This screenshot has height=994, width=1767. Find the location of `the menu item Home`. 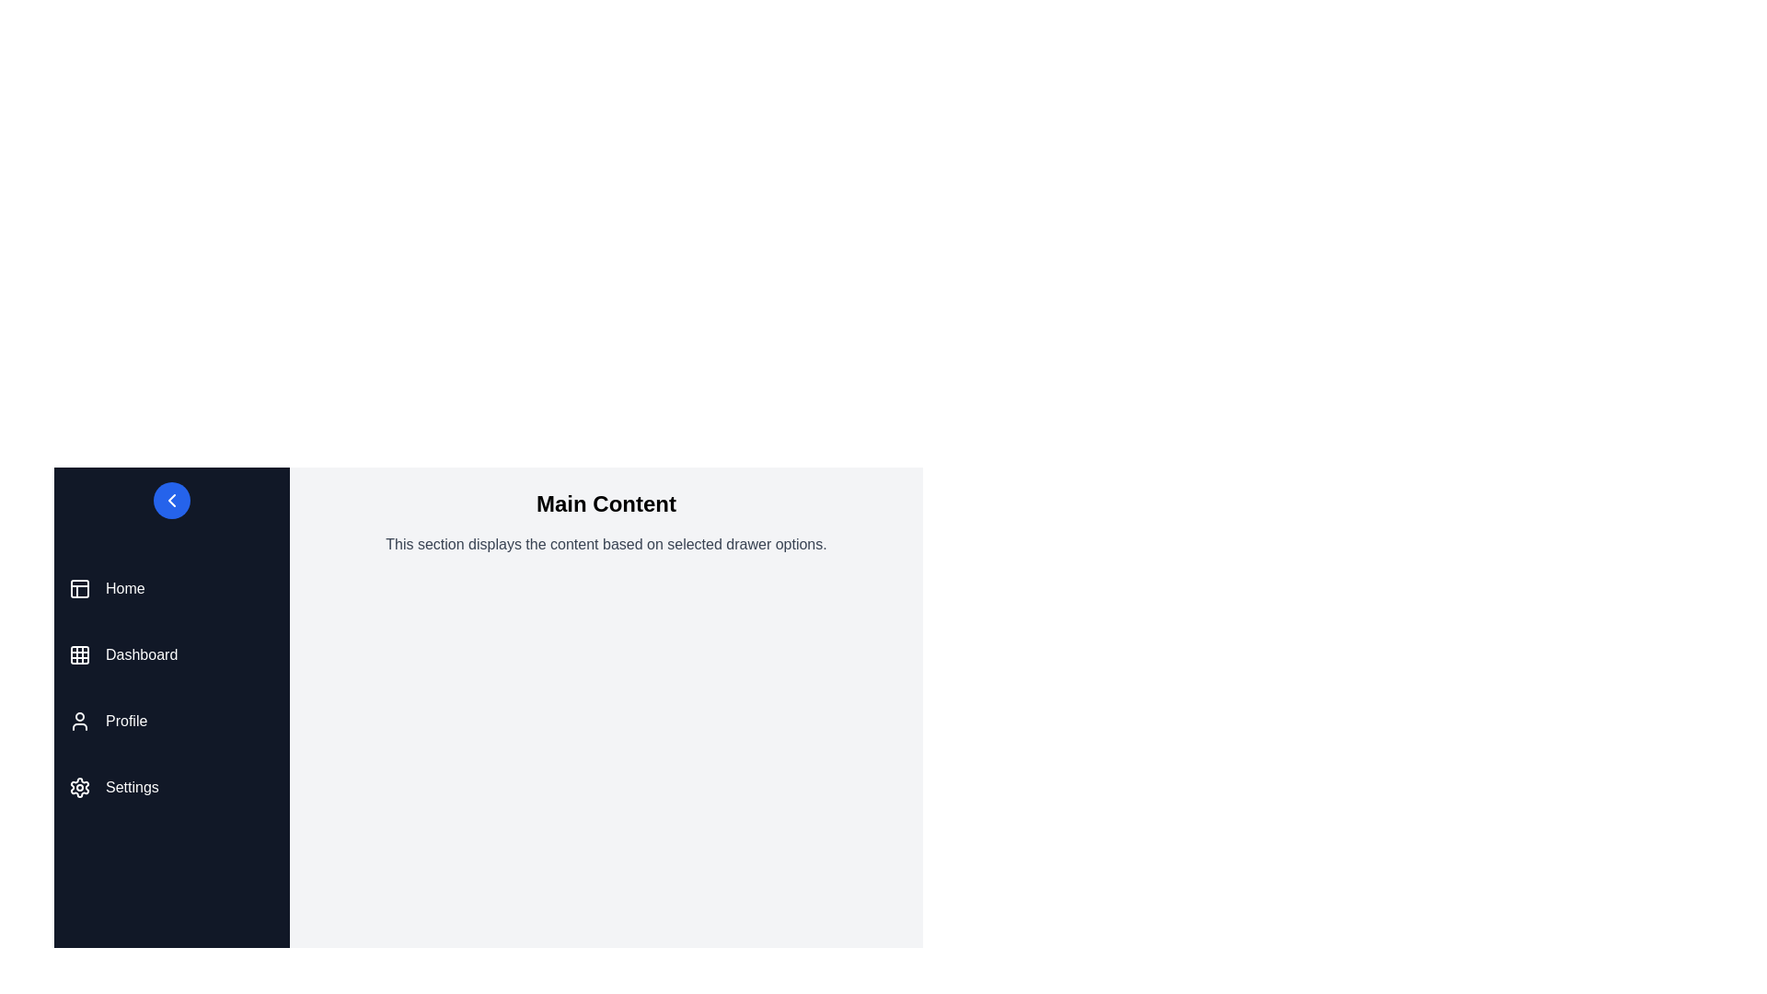

the menu item Home is located at coordinates (172, 589).